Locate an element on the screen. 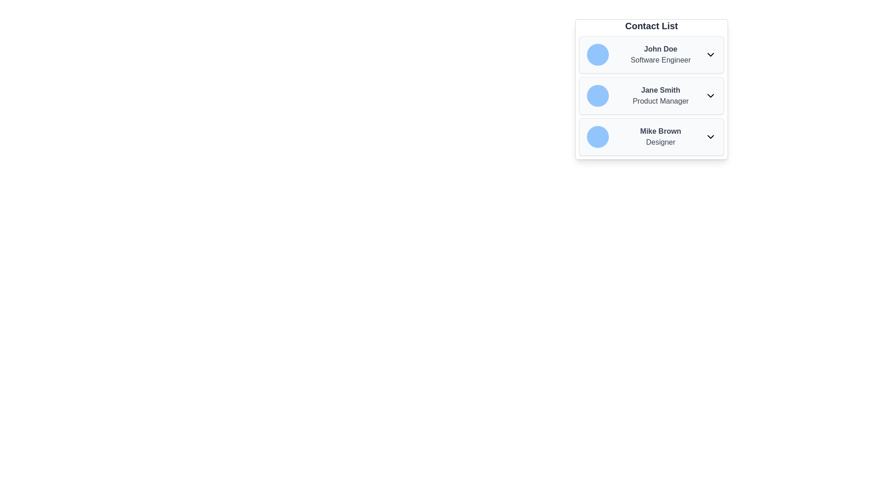 This screenshot has width=877, height=493. the Text Display element showing 'John Doe' and 'Software Engineer' is located at coordinates (660, 54).